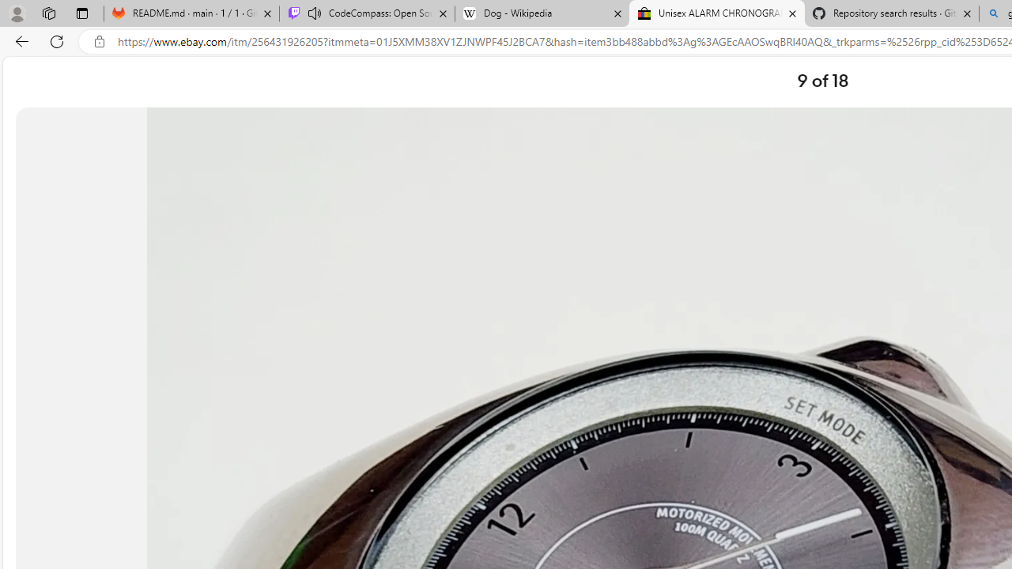 The image size is (1012, 569). Describe the element at coordinates (315, 13) in the screenshot. I see `'Mute tab'` at that location.